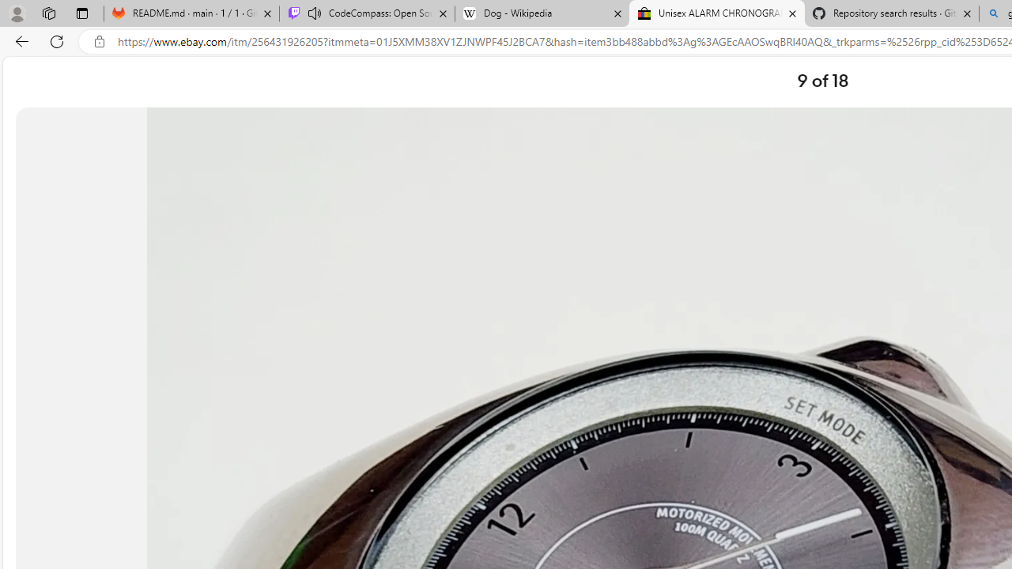 The image size is (1012, 569). Describe the element at coordinates (315, 13) in the screenshot. I see `'Mute tab'` at that location.